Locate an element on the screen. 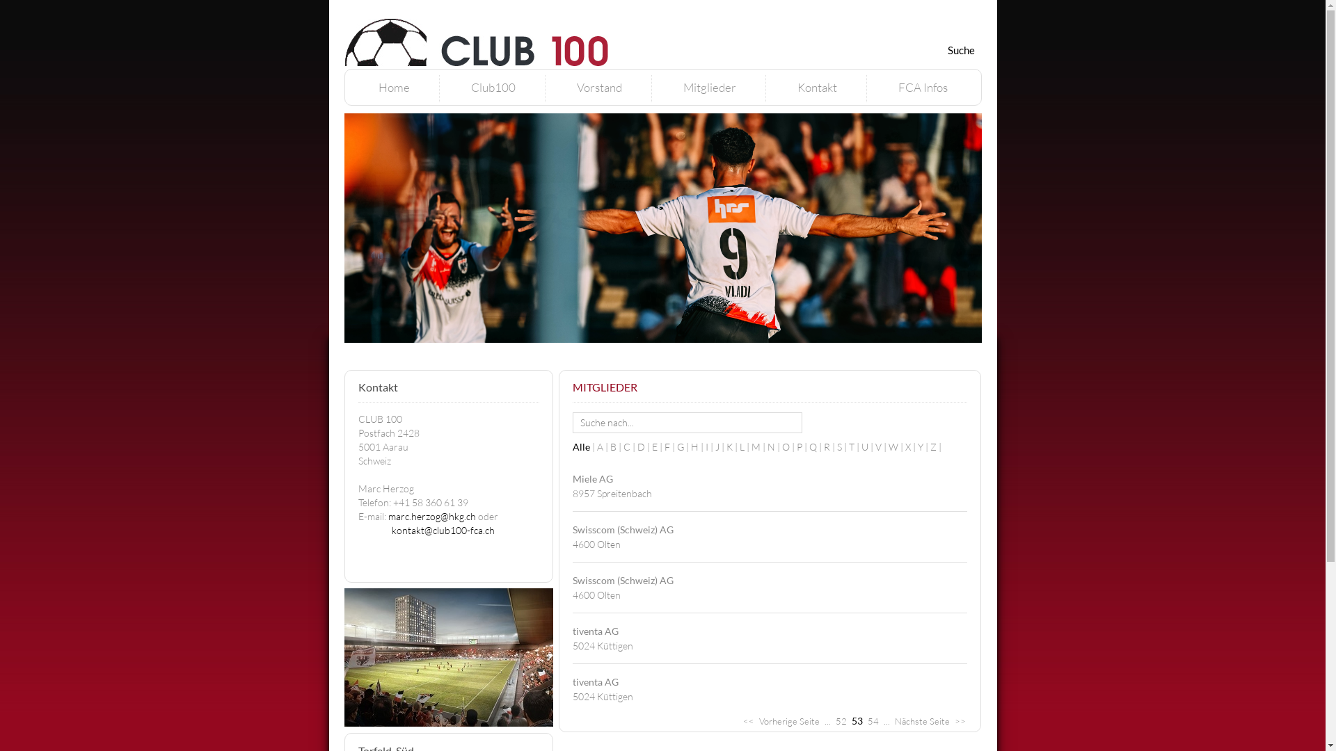 This screenshot has width=1336, height=751. 'FCA Infos' is located at coordinates (898, 87).